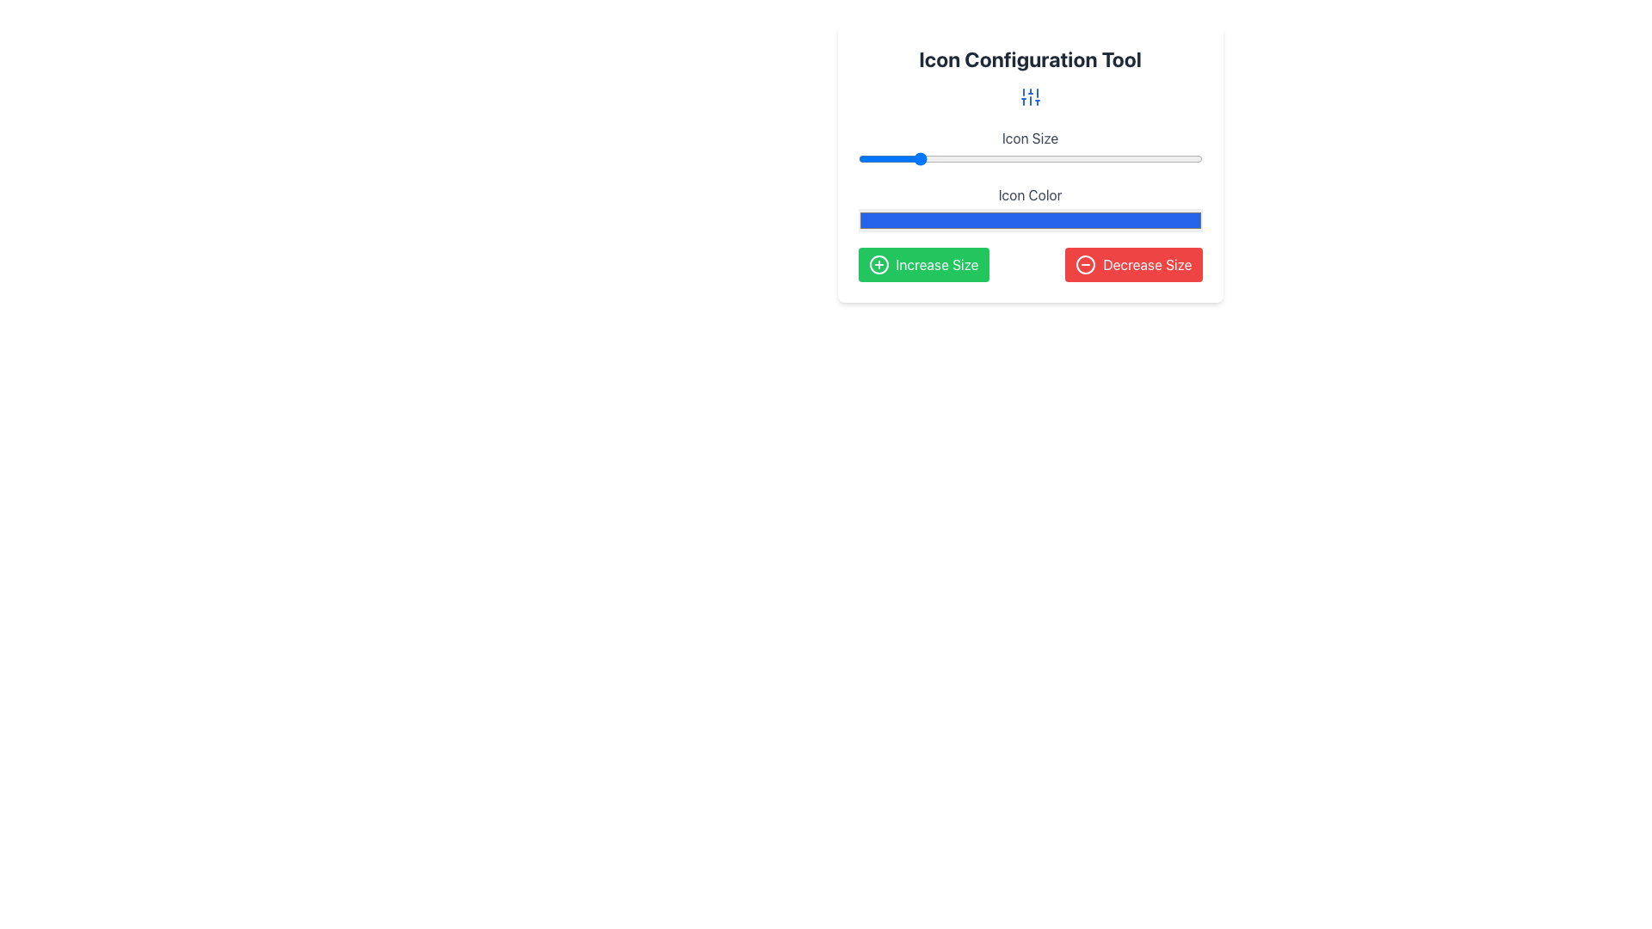 This screenshot has height=929, width=1652. Describe the element at coordinates (879, 159) in the screenshot. I see `the icon size` at that location.